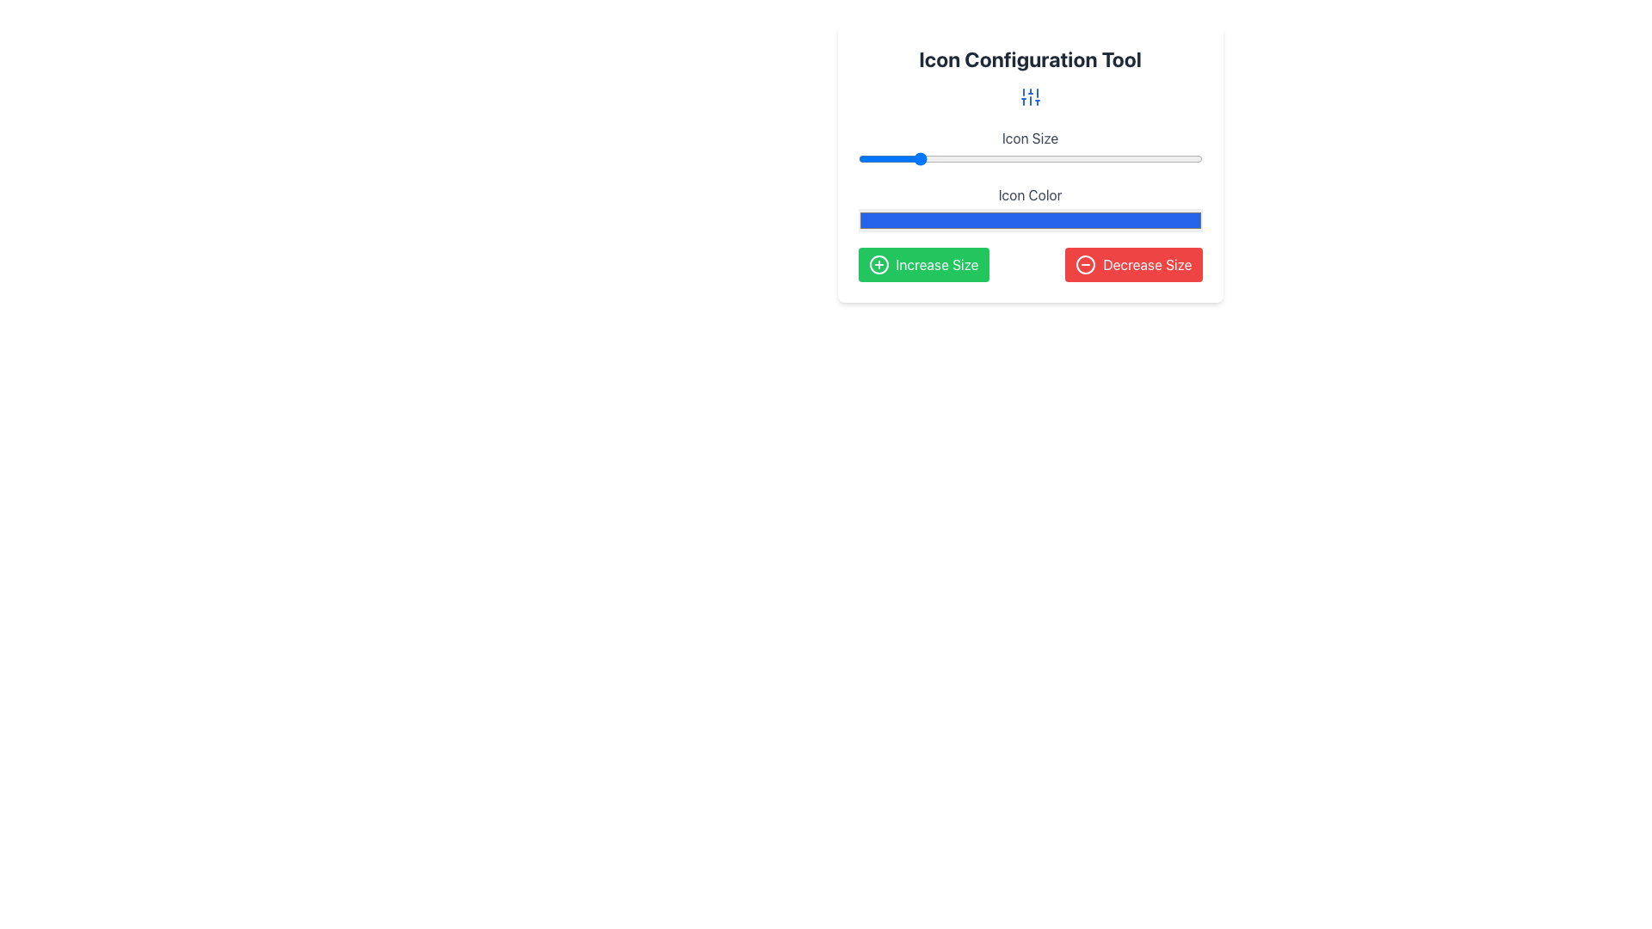 This screenshot has height=929, width=1652. Describe the element at coordinates (879, 159) in the screenshot. I see `the icon size` at that location.